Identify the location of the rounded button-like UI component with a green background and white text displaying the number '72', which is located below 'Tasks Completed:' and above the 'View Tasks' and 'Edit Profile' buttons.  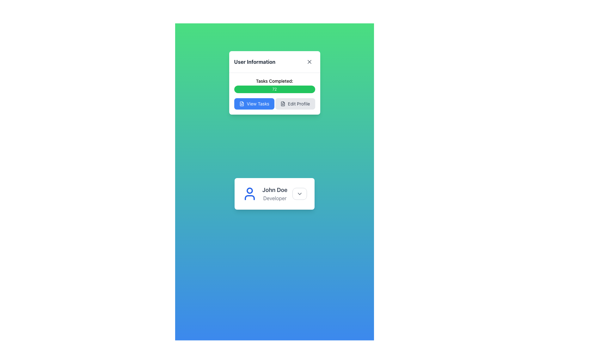
(274, 89).